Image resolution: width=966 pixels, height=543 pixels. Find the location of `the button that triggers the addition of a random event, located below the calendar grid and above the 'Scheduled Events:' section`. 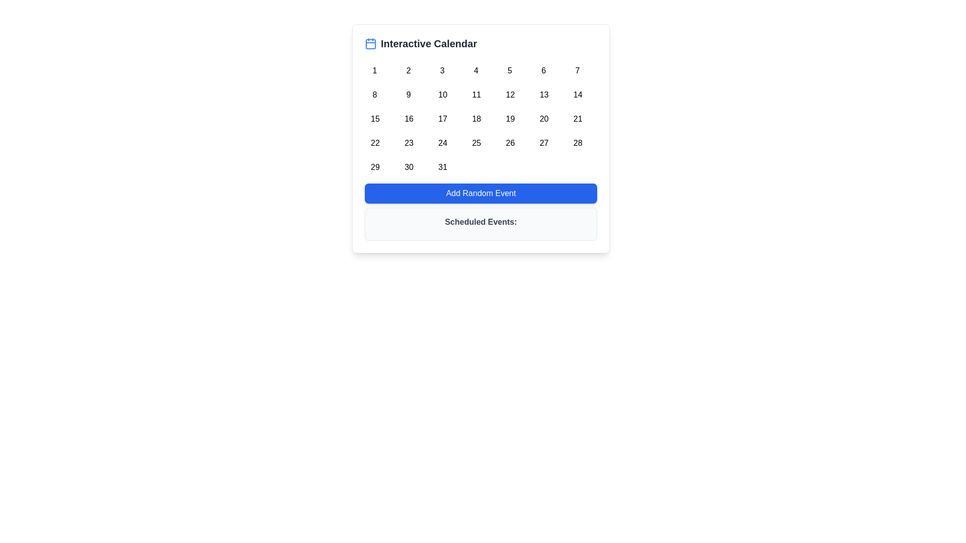

the button that triggers the addition of a random event, located below the calendar grid and above the 'Scheduled Events:' section is located at coordinates (480, 194).